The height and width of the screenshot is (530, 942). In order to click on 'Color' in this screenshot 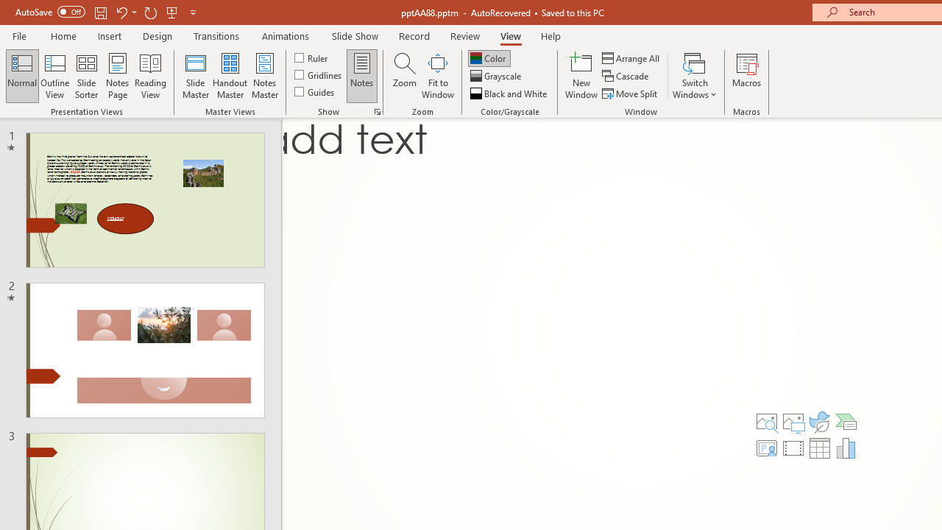, I will do `click(489, 57)`.